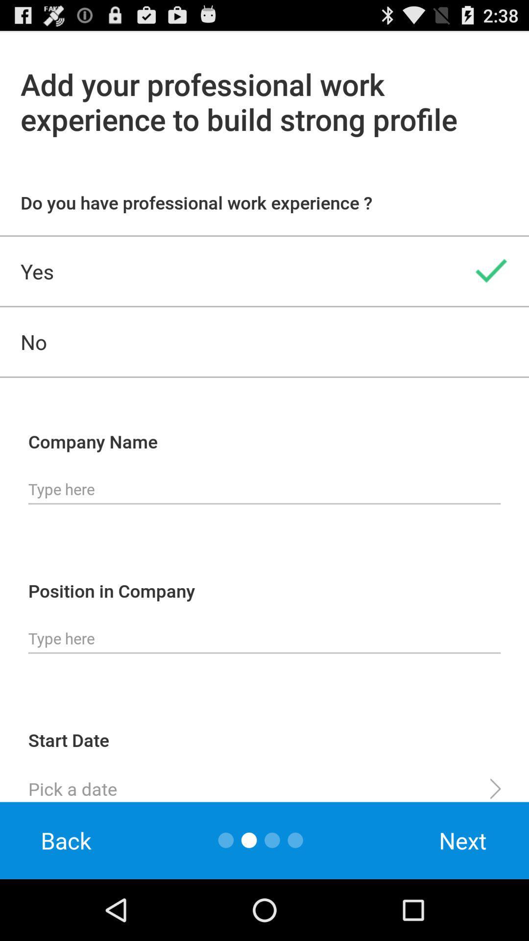 Image resolution: width=529 pixels, height=941 pixels. What do you see at coordinates (264, 489) in the screenshot?
I see `fill out company name` at bounding box center [264, 489].